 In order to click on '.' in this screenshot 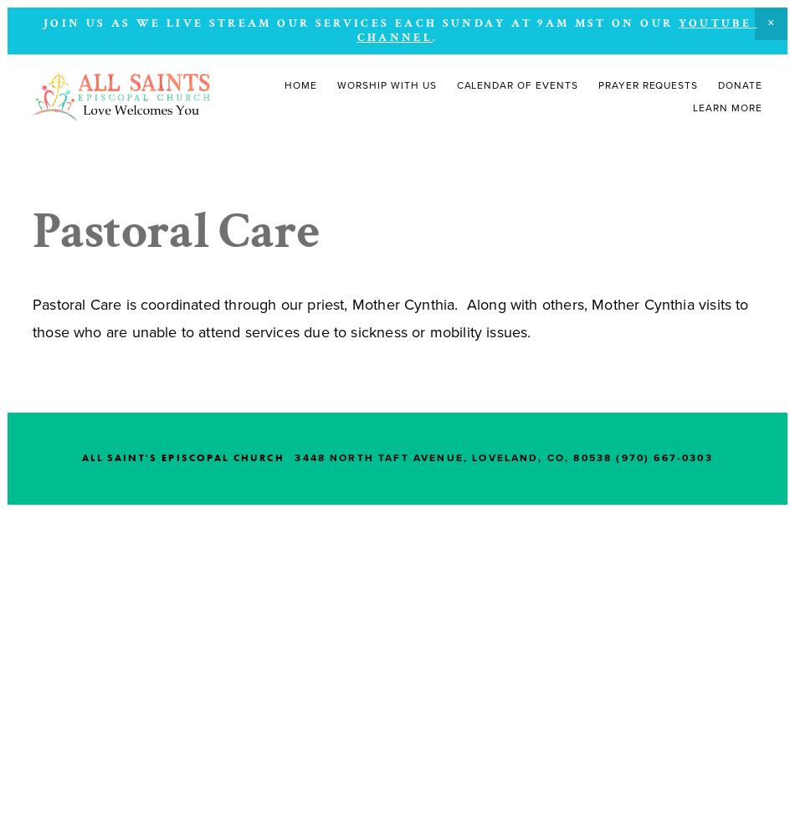, I will do `click(432, 37)`.